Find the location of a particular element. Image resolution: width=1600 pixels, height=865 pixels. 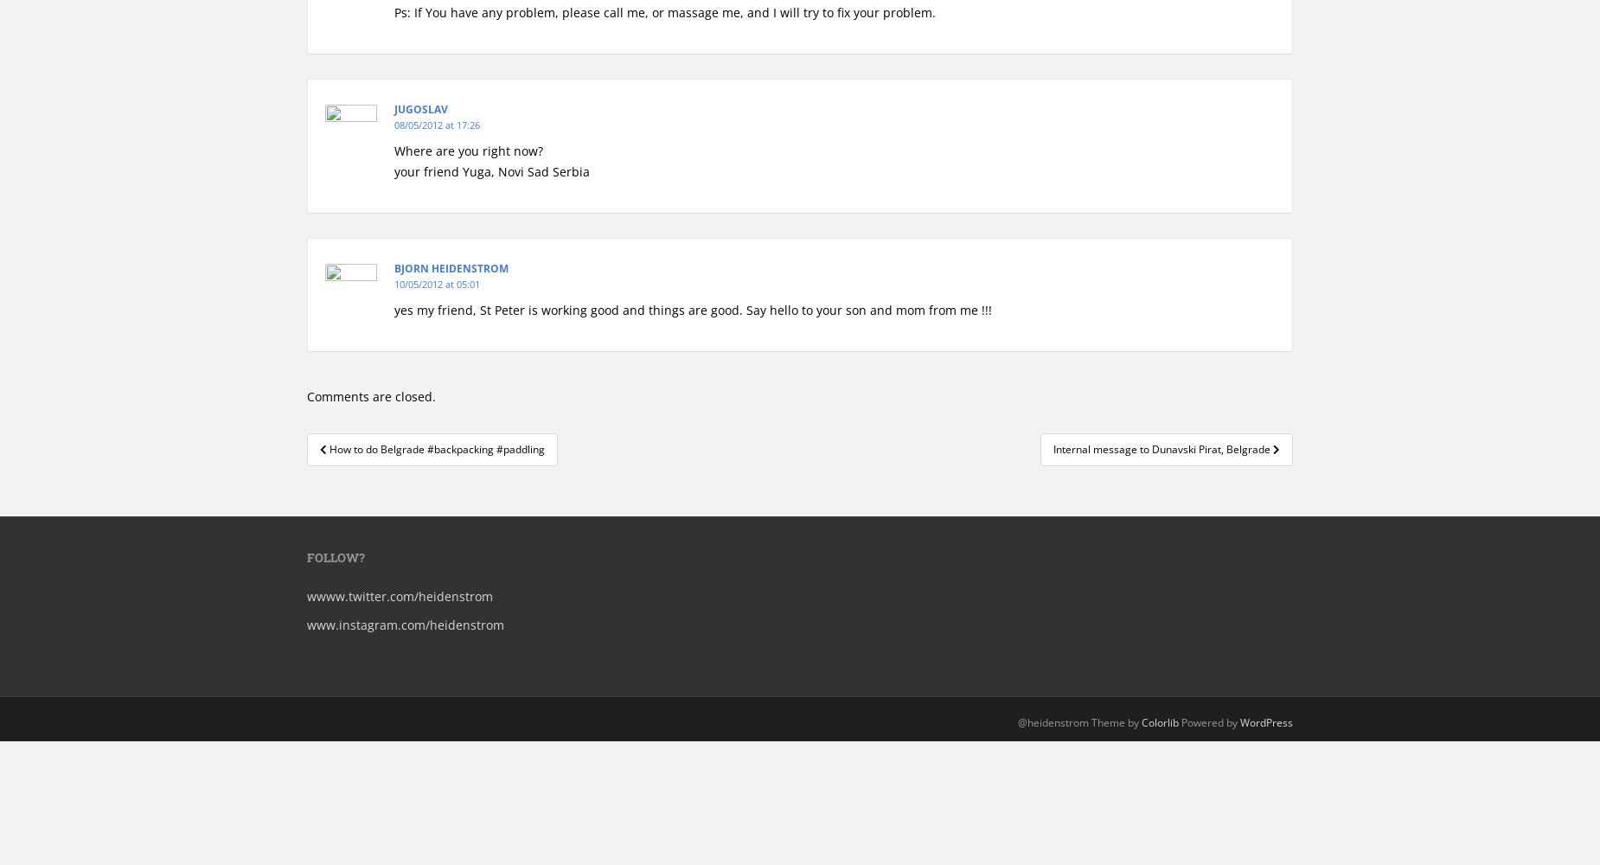

'www.instagram.com/heidenstrom' is located at coordinates (306, 624).